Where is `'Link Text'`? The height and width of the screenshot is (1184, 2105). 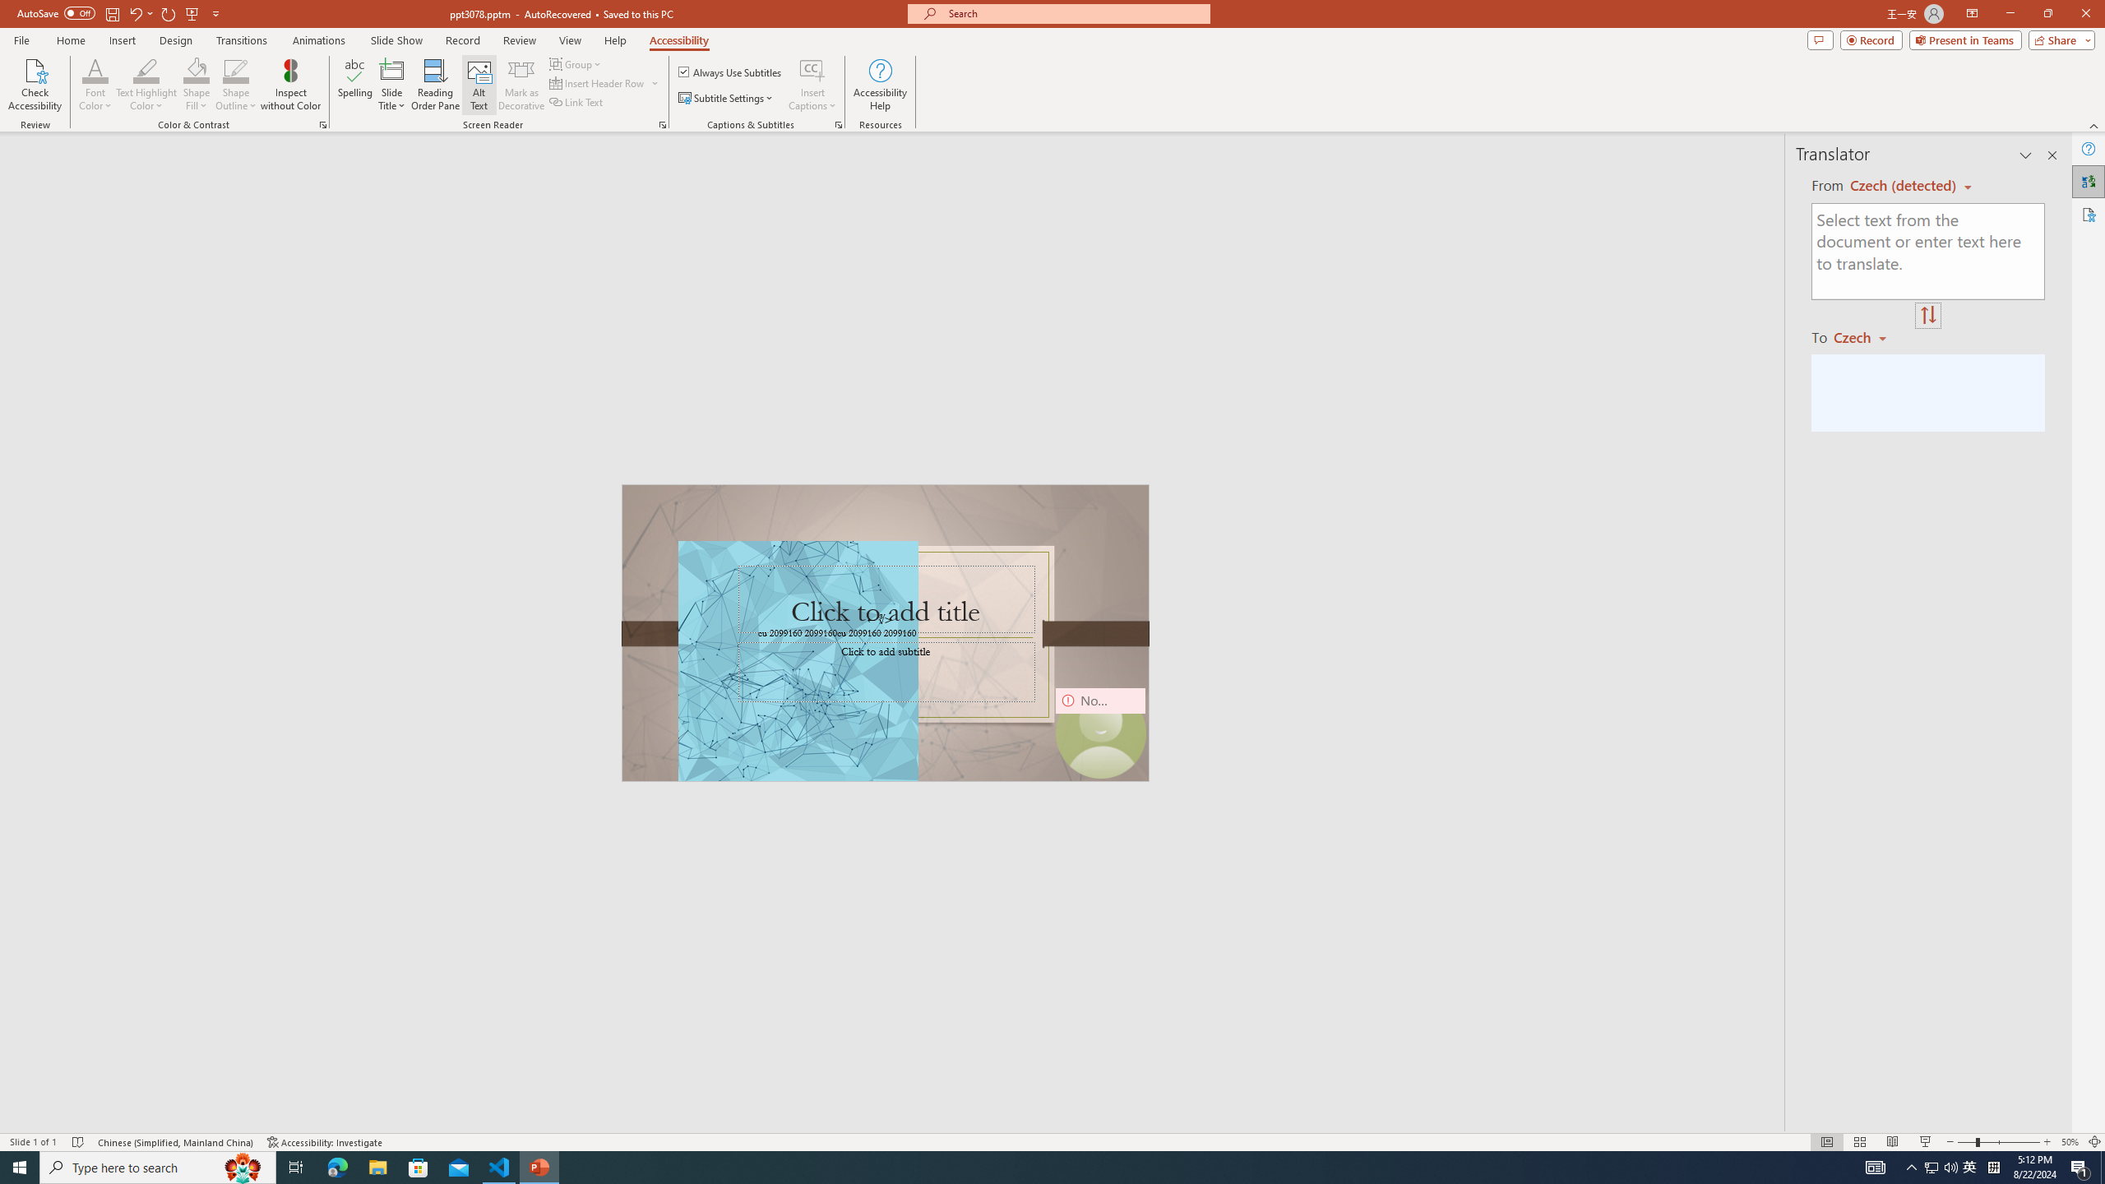
'Link Text' is located at coordinates (576, 100).